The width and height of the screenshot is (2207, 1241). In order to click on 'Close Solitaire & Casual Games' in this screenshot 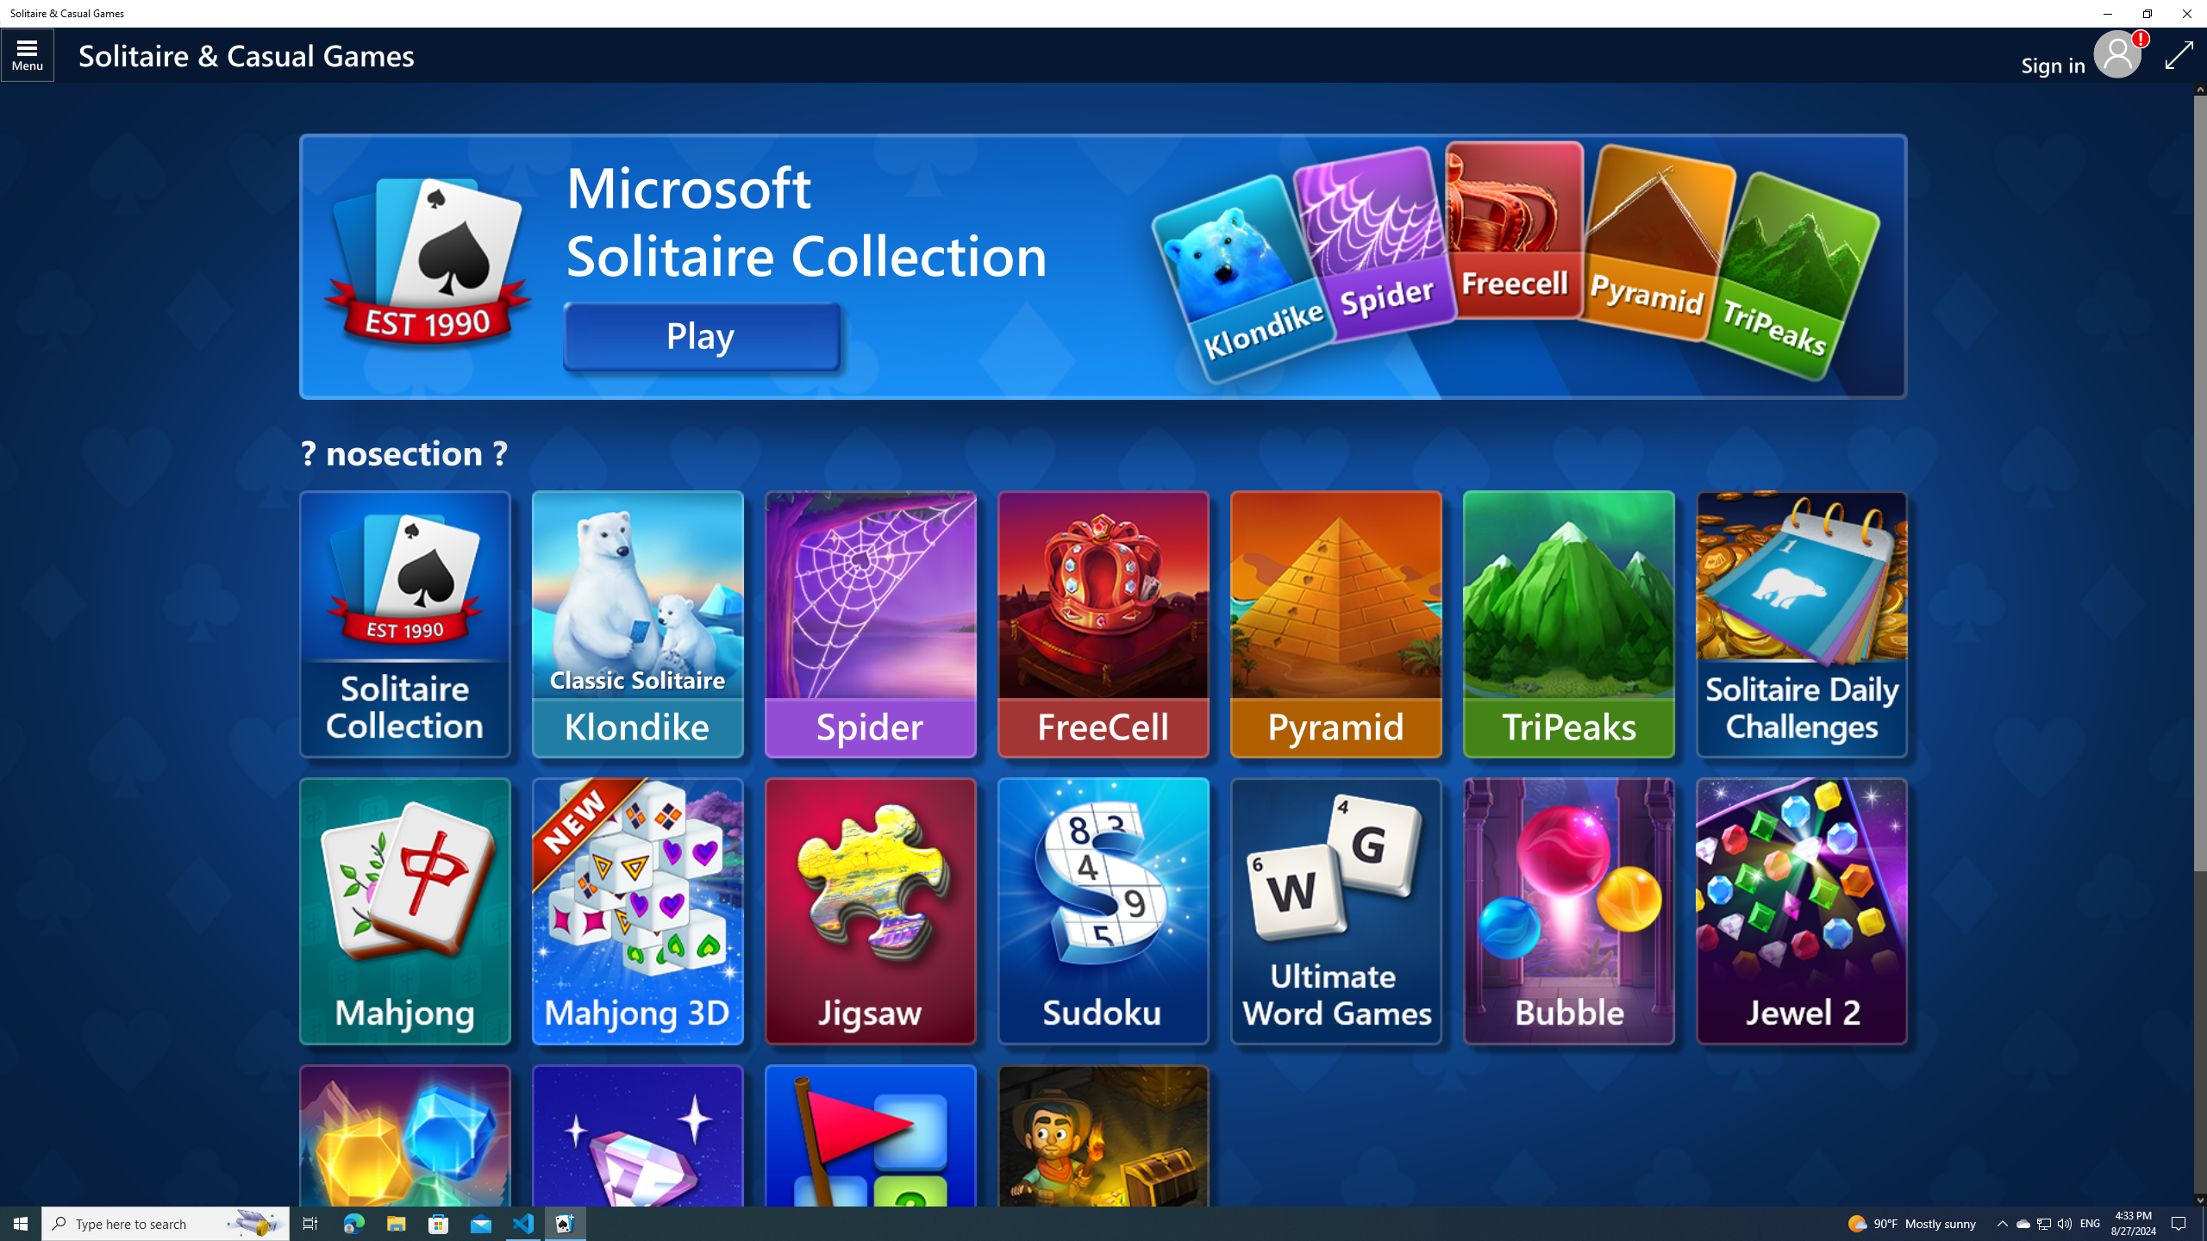, I will do `click(2185, 13)`.